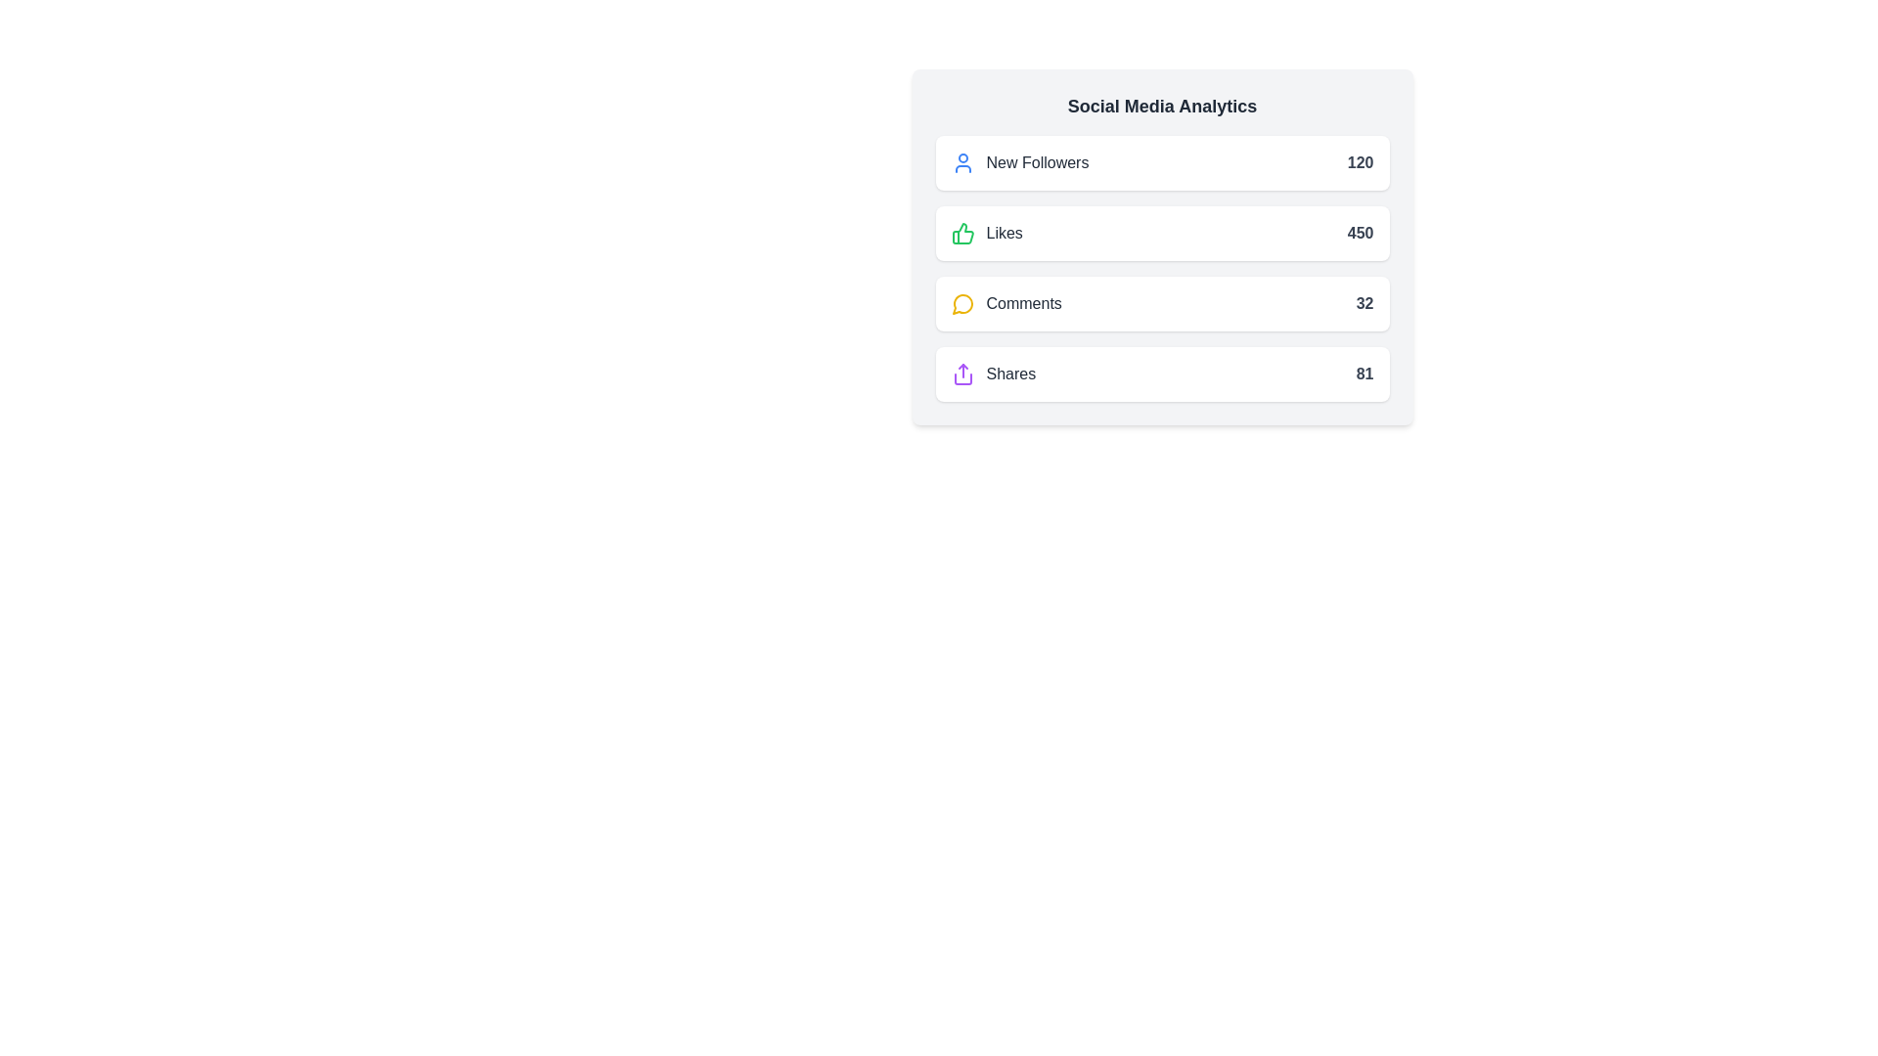 The height and width of the screenshot is (1056, 1878). I want to click on the share icon located in the fourth row of the 'Social Media Analytics' section, next to the label 'Shares', so click(962, 374).